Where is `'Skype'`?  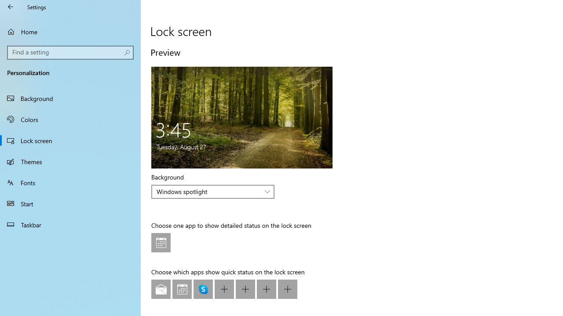
'Skype' is located at coordinates (203, 289).